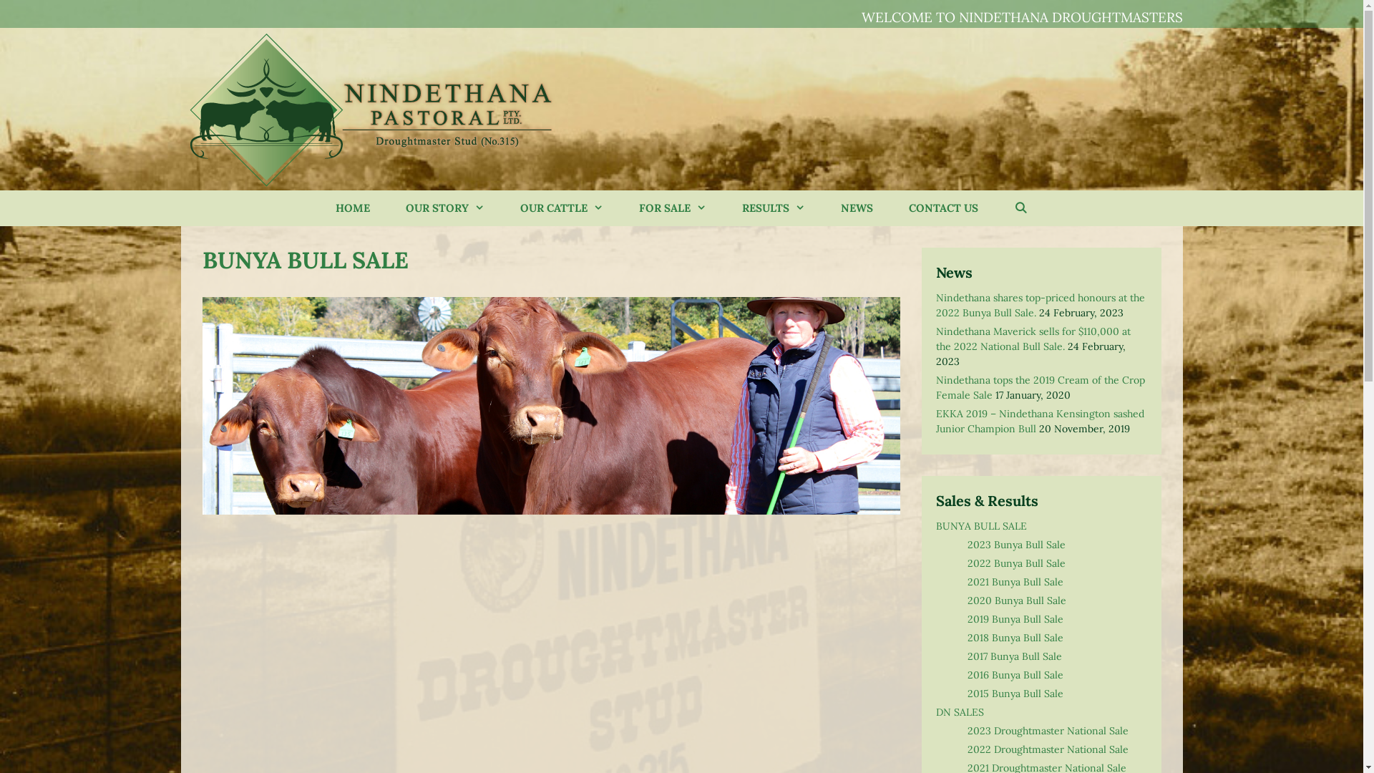 This screenshot has height=773, width=1374. Describe the element at coordinates (444, 208) in the screenshot. I see `'OUR STORY'` at that location.